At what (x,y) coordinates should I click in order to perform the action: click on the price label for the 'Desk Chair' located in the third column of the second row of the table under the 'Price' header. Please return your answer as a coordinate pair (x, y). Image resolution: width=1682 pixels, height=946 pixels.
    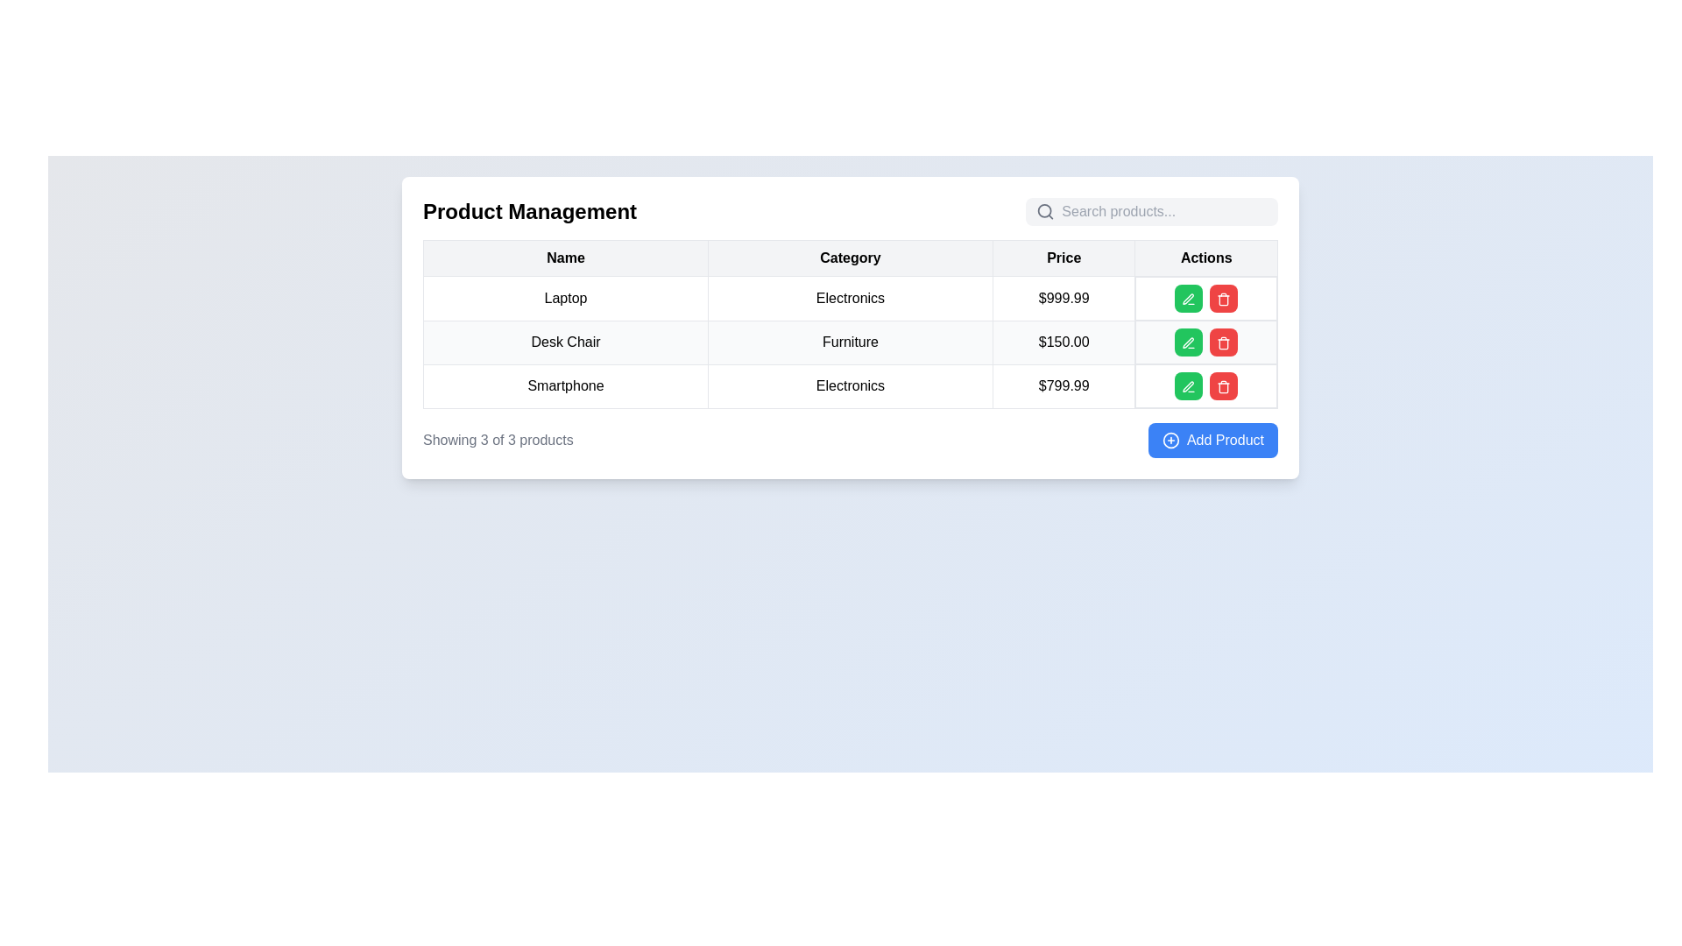
    Looking at the image, I should click on (1063, 342).